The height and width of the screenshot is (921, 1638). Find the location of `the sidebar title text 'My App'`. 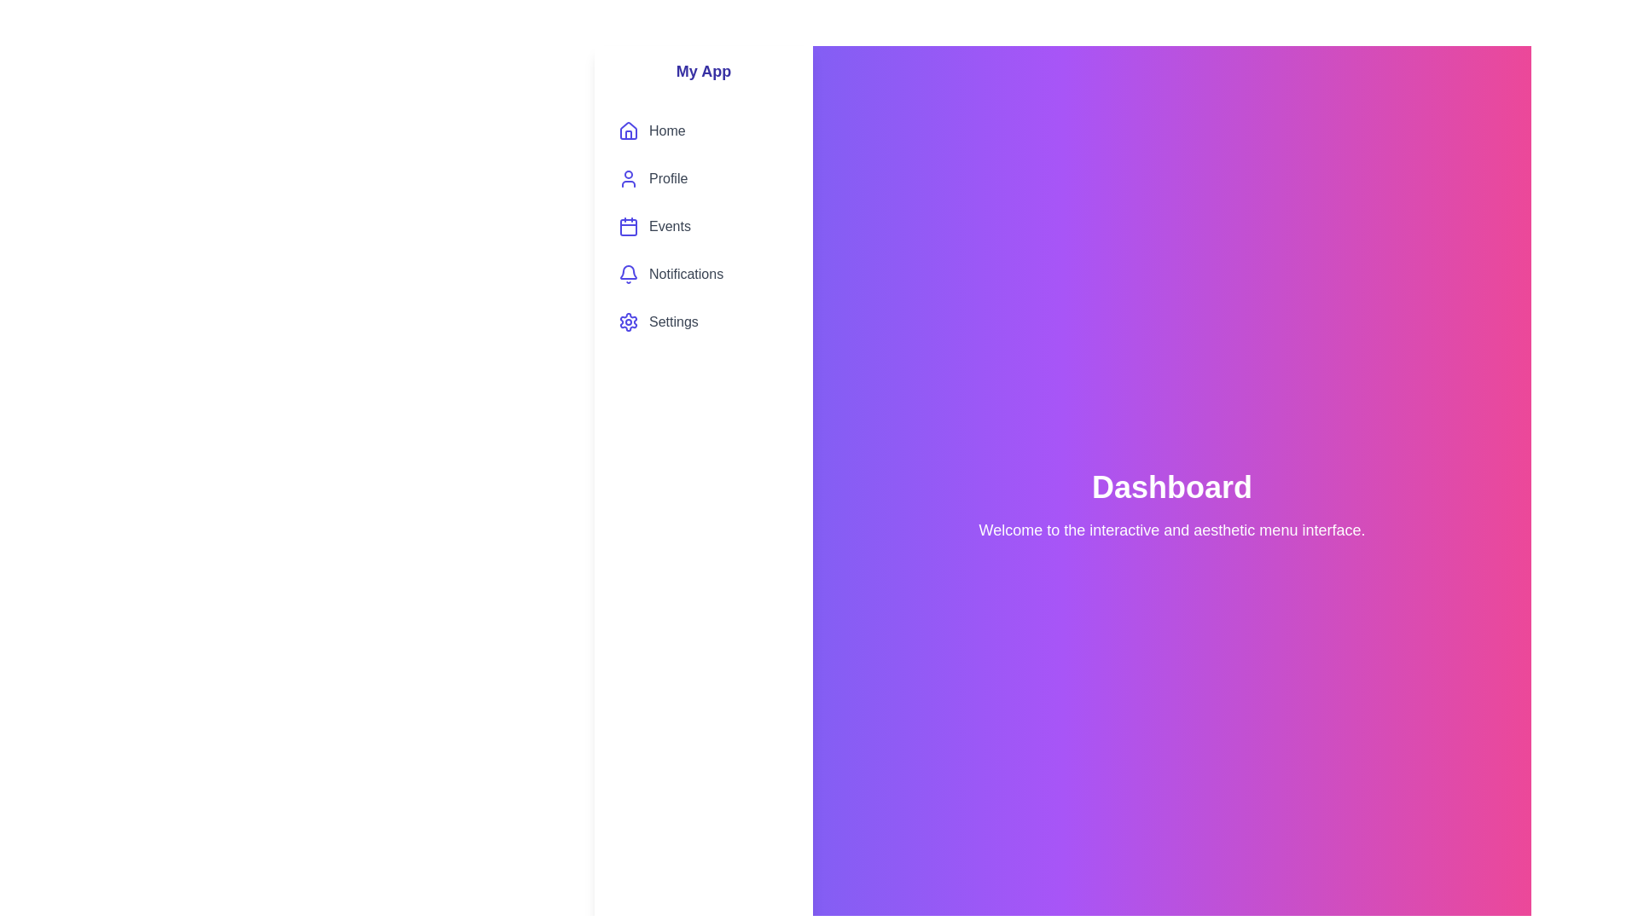

the sidebar title text 'My App' is located at coordinates (704, 71).